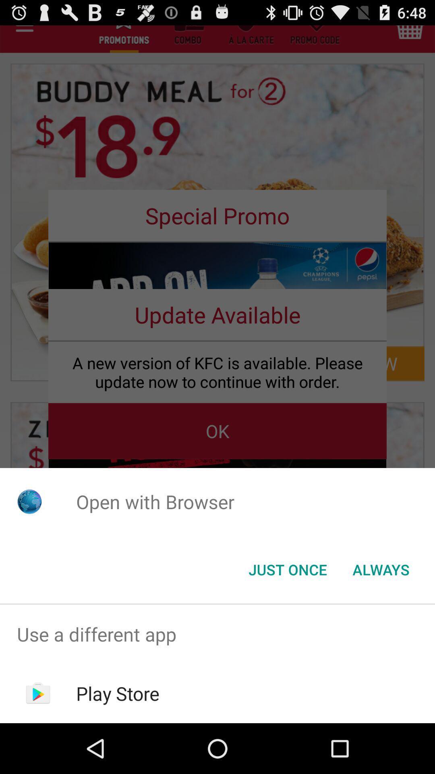 The height and width of the screenshot is (774, 435). What do you see at coordinates (118, 693) in the screenshot?
I see `play store item` at bounding box center [118, 693].